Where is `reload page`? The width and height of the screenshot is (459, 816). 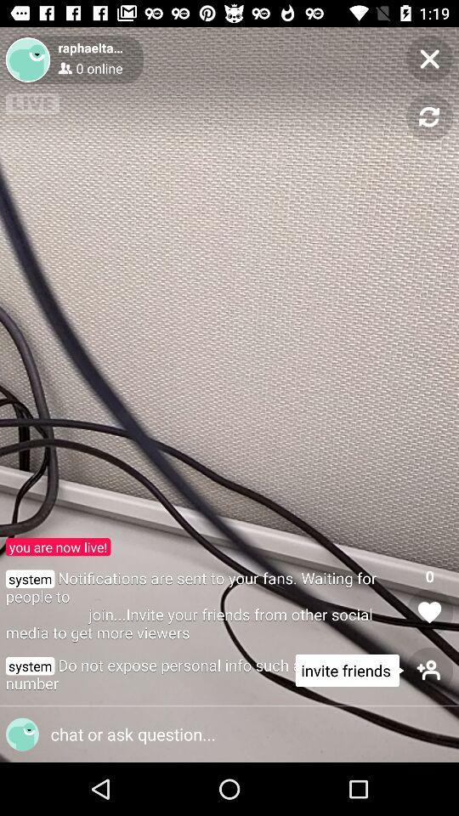
reload page is located at coordinates (428, 116).